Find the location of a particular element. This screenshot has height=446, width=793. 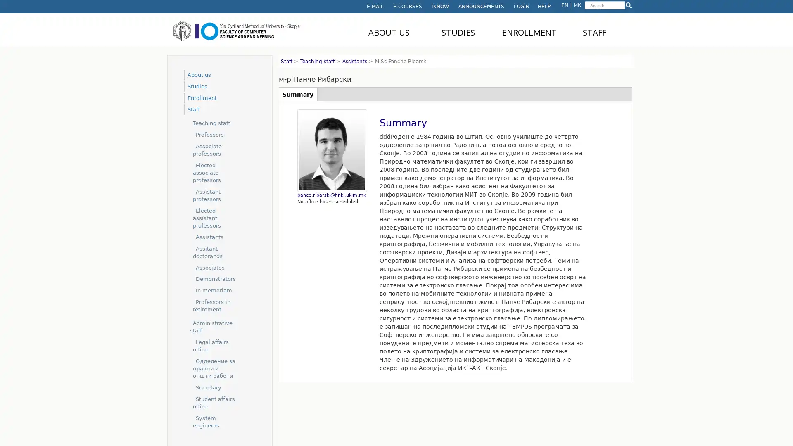

Search is located at coordinates (585, 11).